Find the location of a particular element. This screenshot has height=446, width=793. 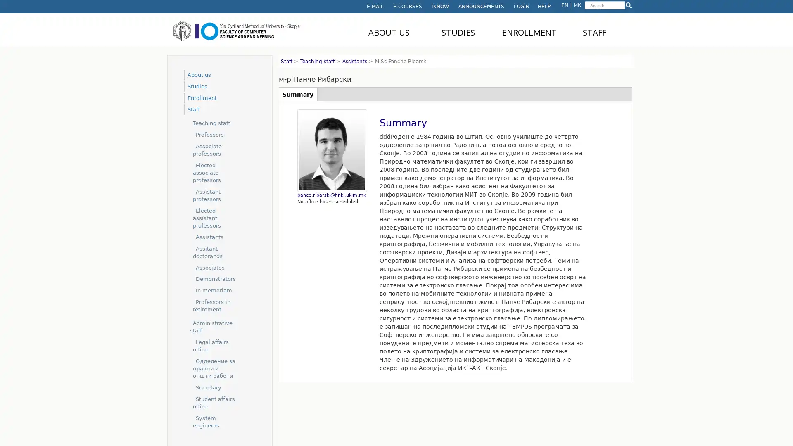

Search is located at coordinates (585, 11).